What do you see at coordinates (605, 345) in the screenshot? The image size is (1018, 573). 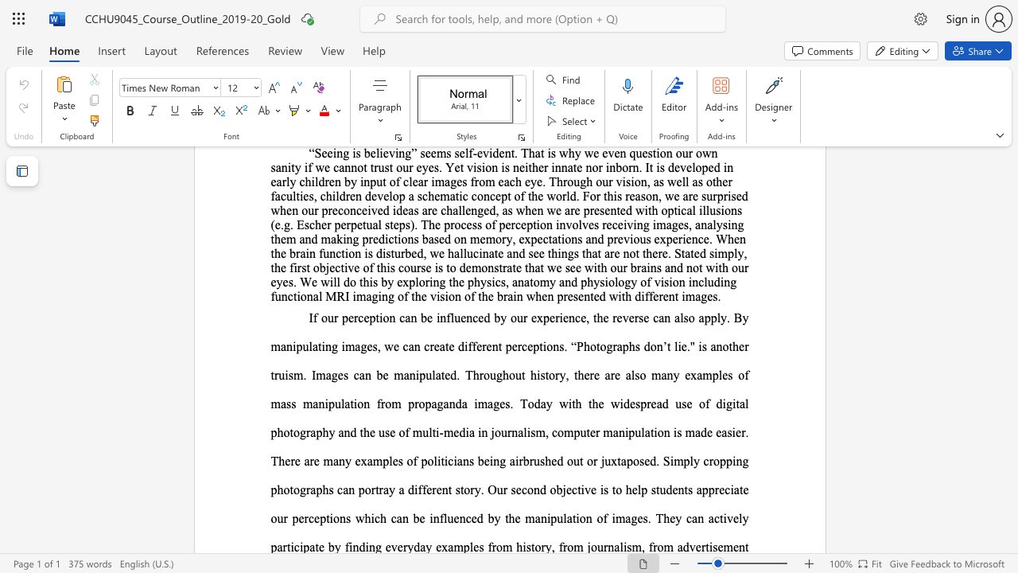 I see `the subset text "graphs don’t lie." within the text "If our perception can be influenced by our experience, the reverse can also apply. By manipulating images, we can create different perceptions. “Photographs don’t lie."` at bounding box center [605, 345].